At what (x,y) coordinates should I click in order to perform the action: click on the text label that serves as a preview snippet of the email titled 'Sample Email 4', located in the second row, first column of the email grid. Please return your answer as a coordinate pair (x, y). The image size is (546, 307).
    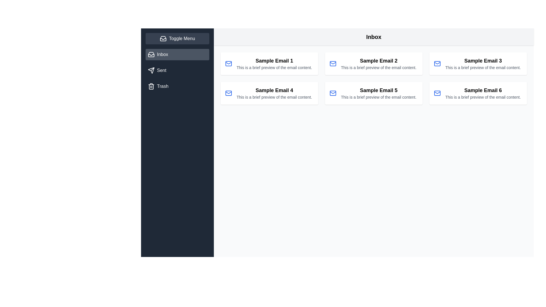
    Looking at the image, I should click on (274, 97).